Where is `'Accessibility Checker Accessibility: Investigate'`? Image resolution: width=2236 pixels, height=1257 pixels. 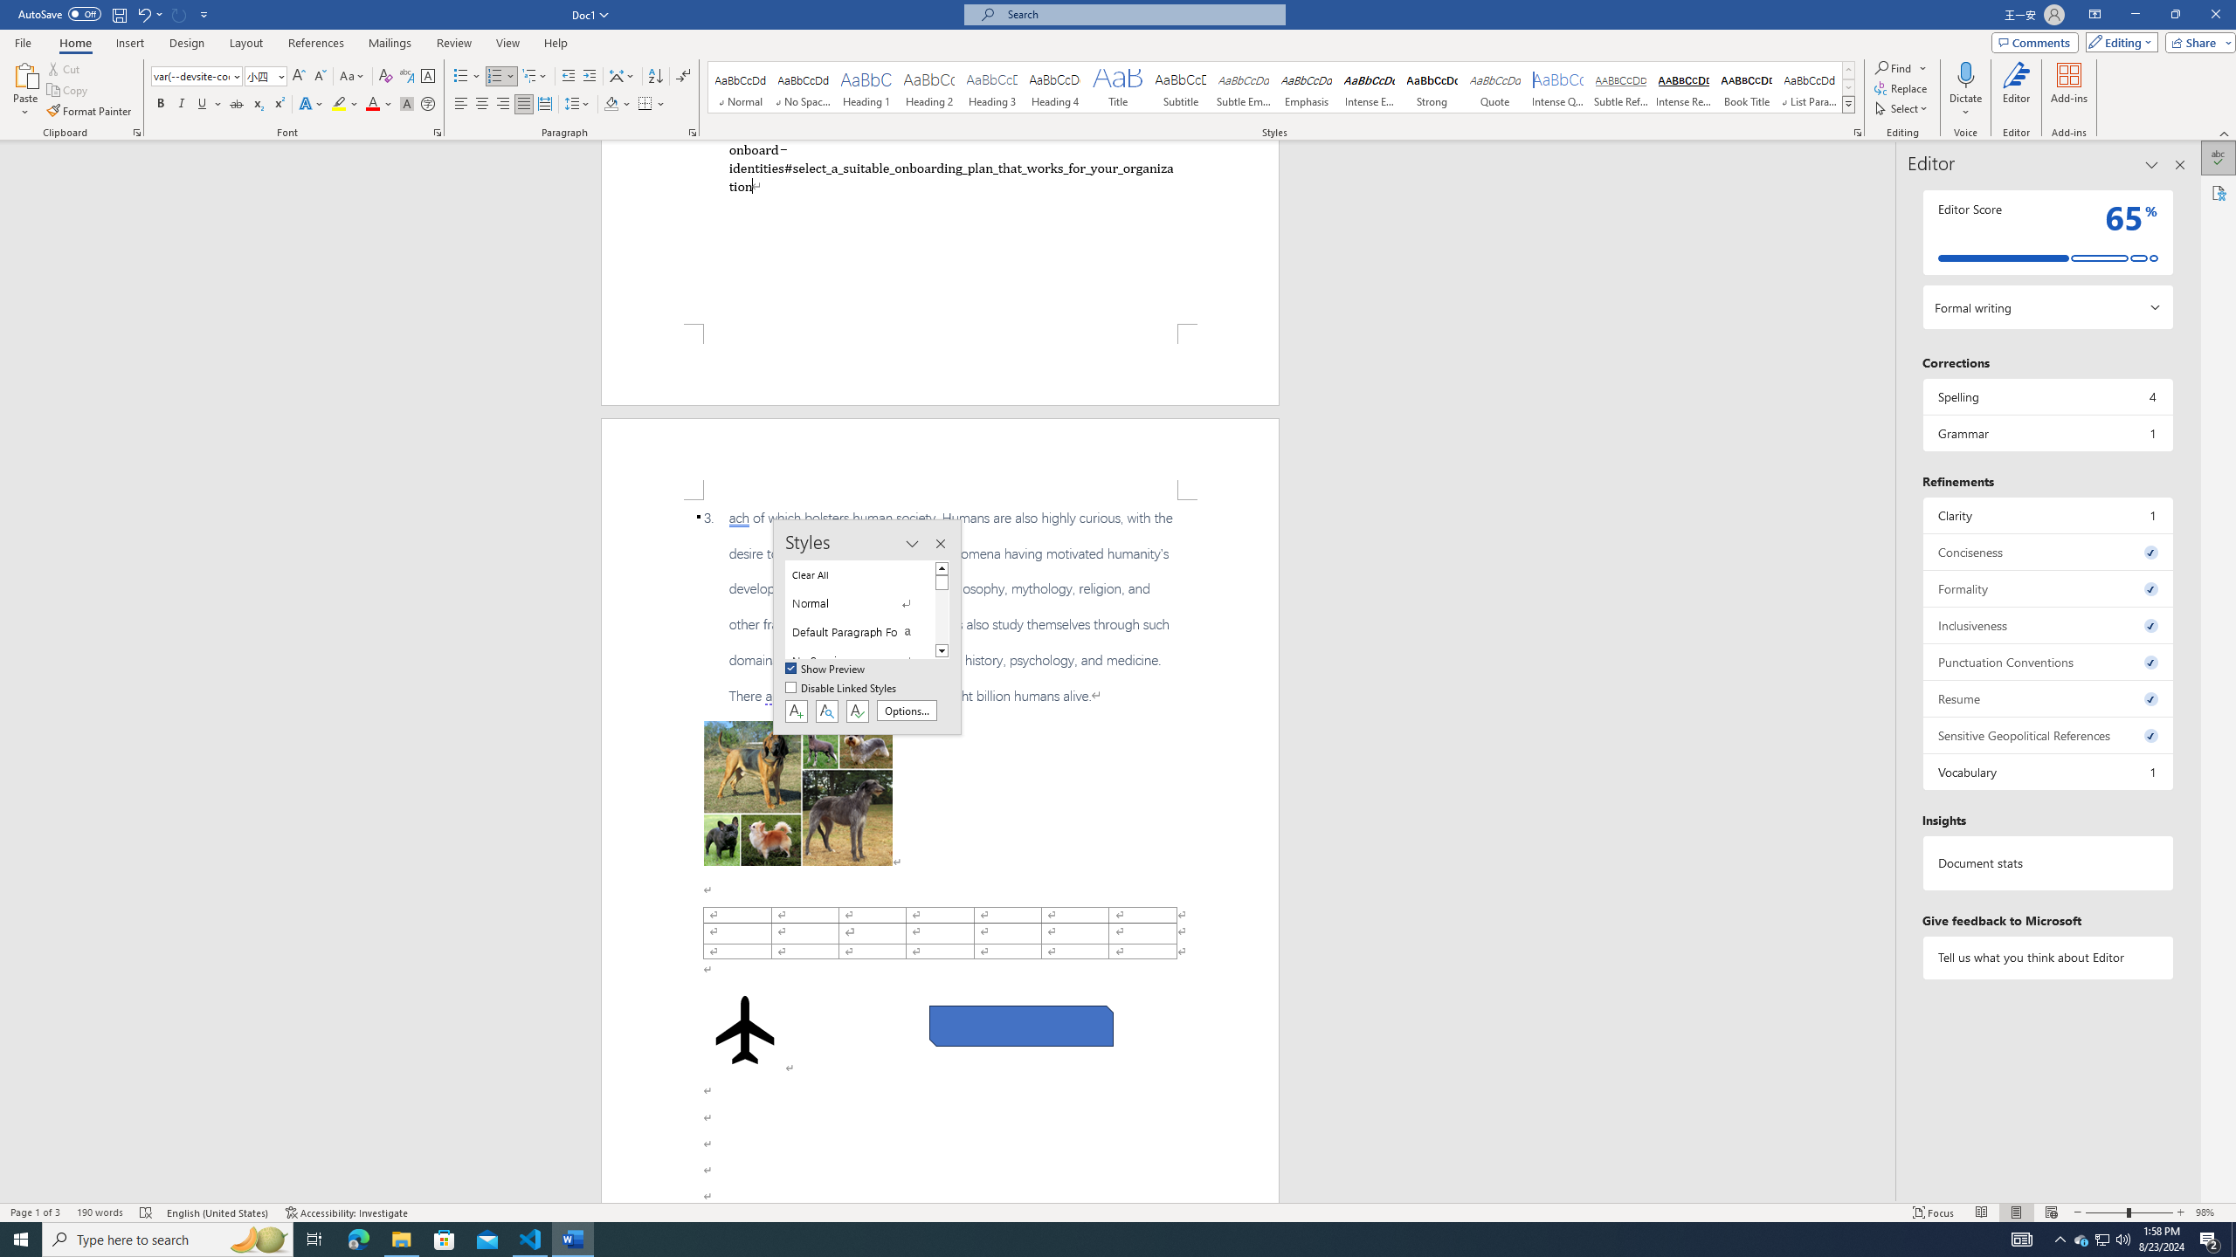 'Accessibility Checker Accessibility: Investigate' is located at coordinates (348, 1212).